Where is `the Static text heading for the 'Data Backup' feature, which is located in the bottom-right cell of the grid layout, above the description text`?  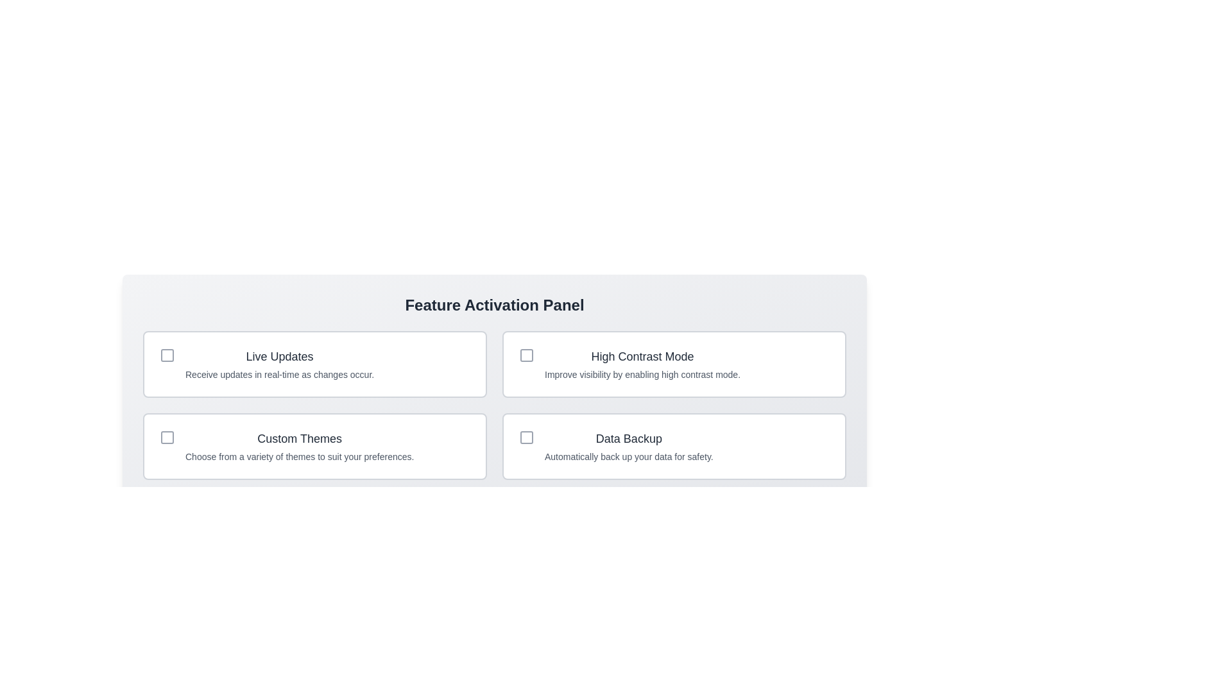
the Static text heading for the 'Data Backup' feature, which is located in the bottom-right cell of the grid layout, above the description text is located at coordinates (629, 438).